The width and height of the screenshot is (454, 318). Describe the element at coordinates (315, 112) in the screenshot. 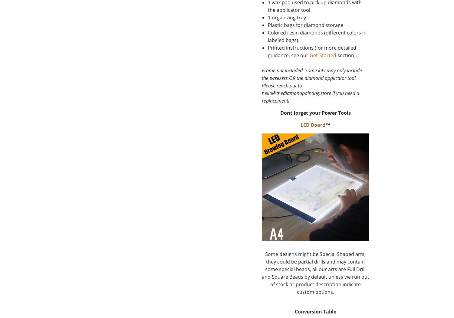

I see `'Dont forget your Power Tools'` at that location.